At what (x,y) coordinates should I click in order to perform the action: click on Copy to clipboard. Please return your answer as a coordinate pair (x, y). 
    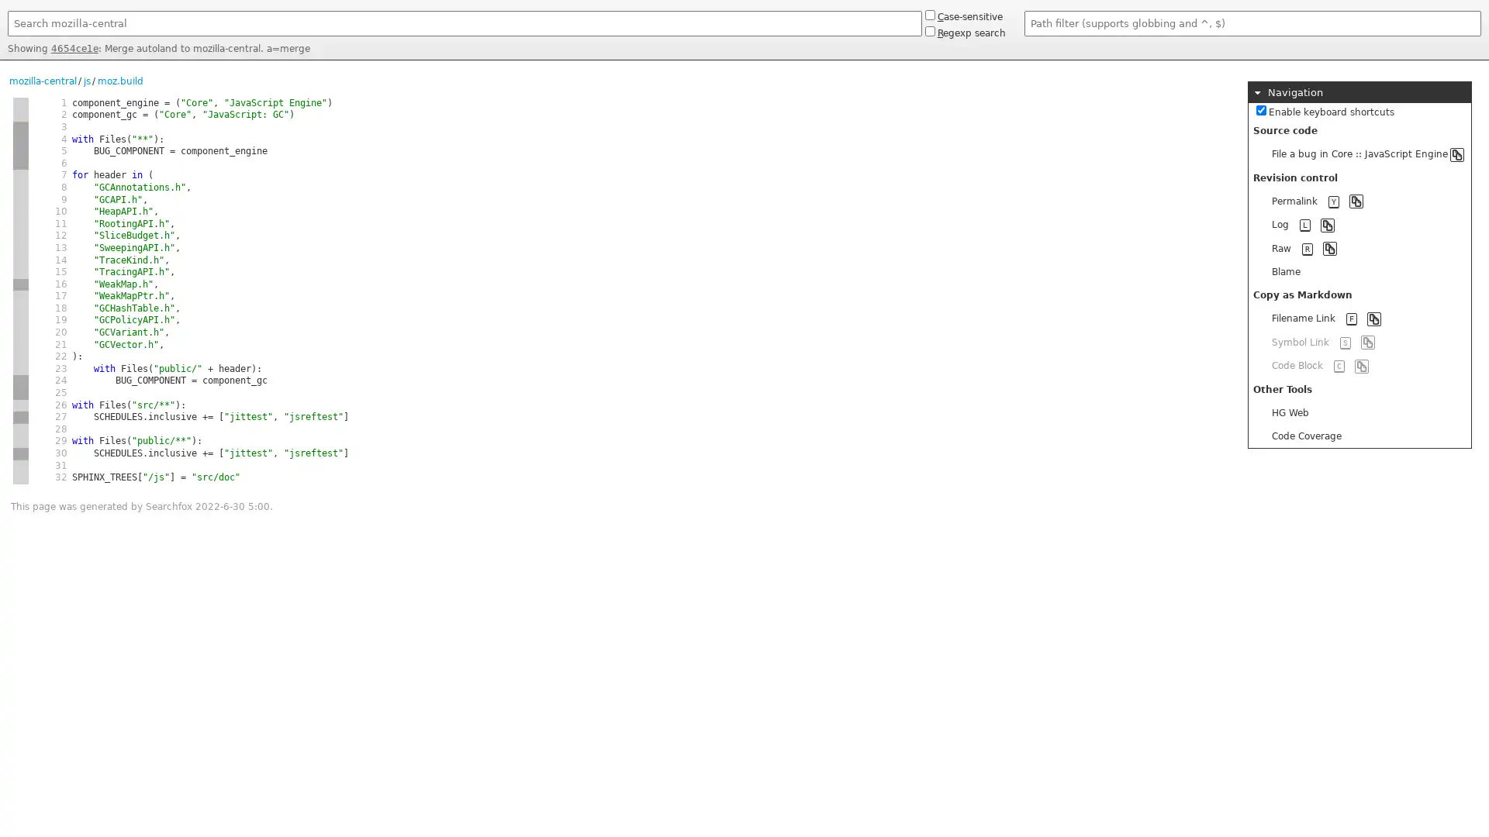
    Looking at the image, I should click on (1328, 247).